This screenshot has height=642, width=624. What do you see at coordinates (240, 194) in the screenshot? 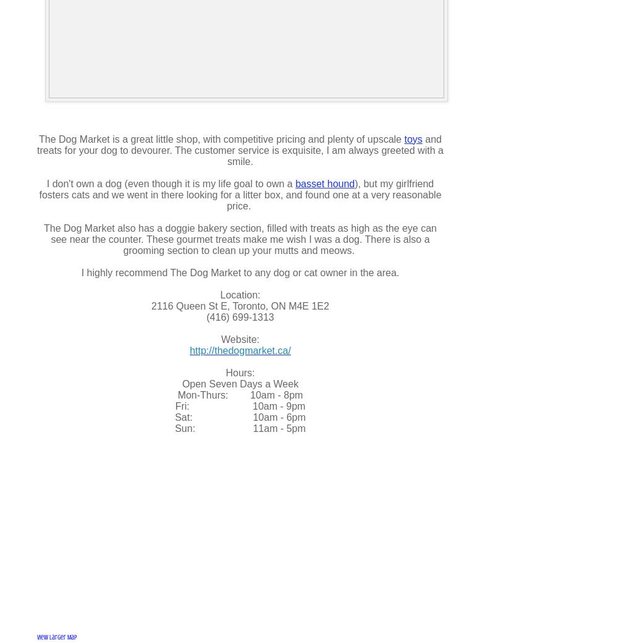
I see `'), but my girlfriend fosters cats and we went in there looking for a litter box, and found one at a very reasonable price.'` at bounding box center [240, 194].